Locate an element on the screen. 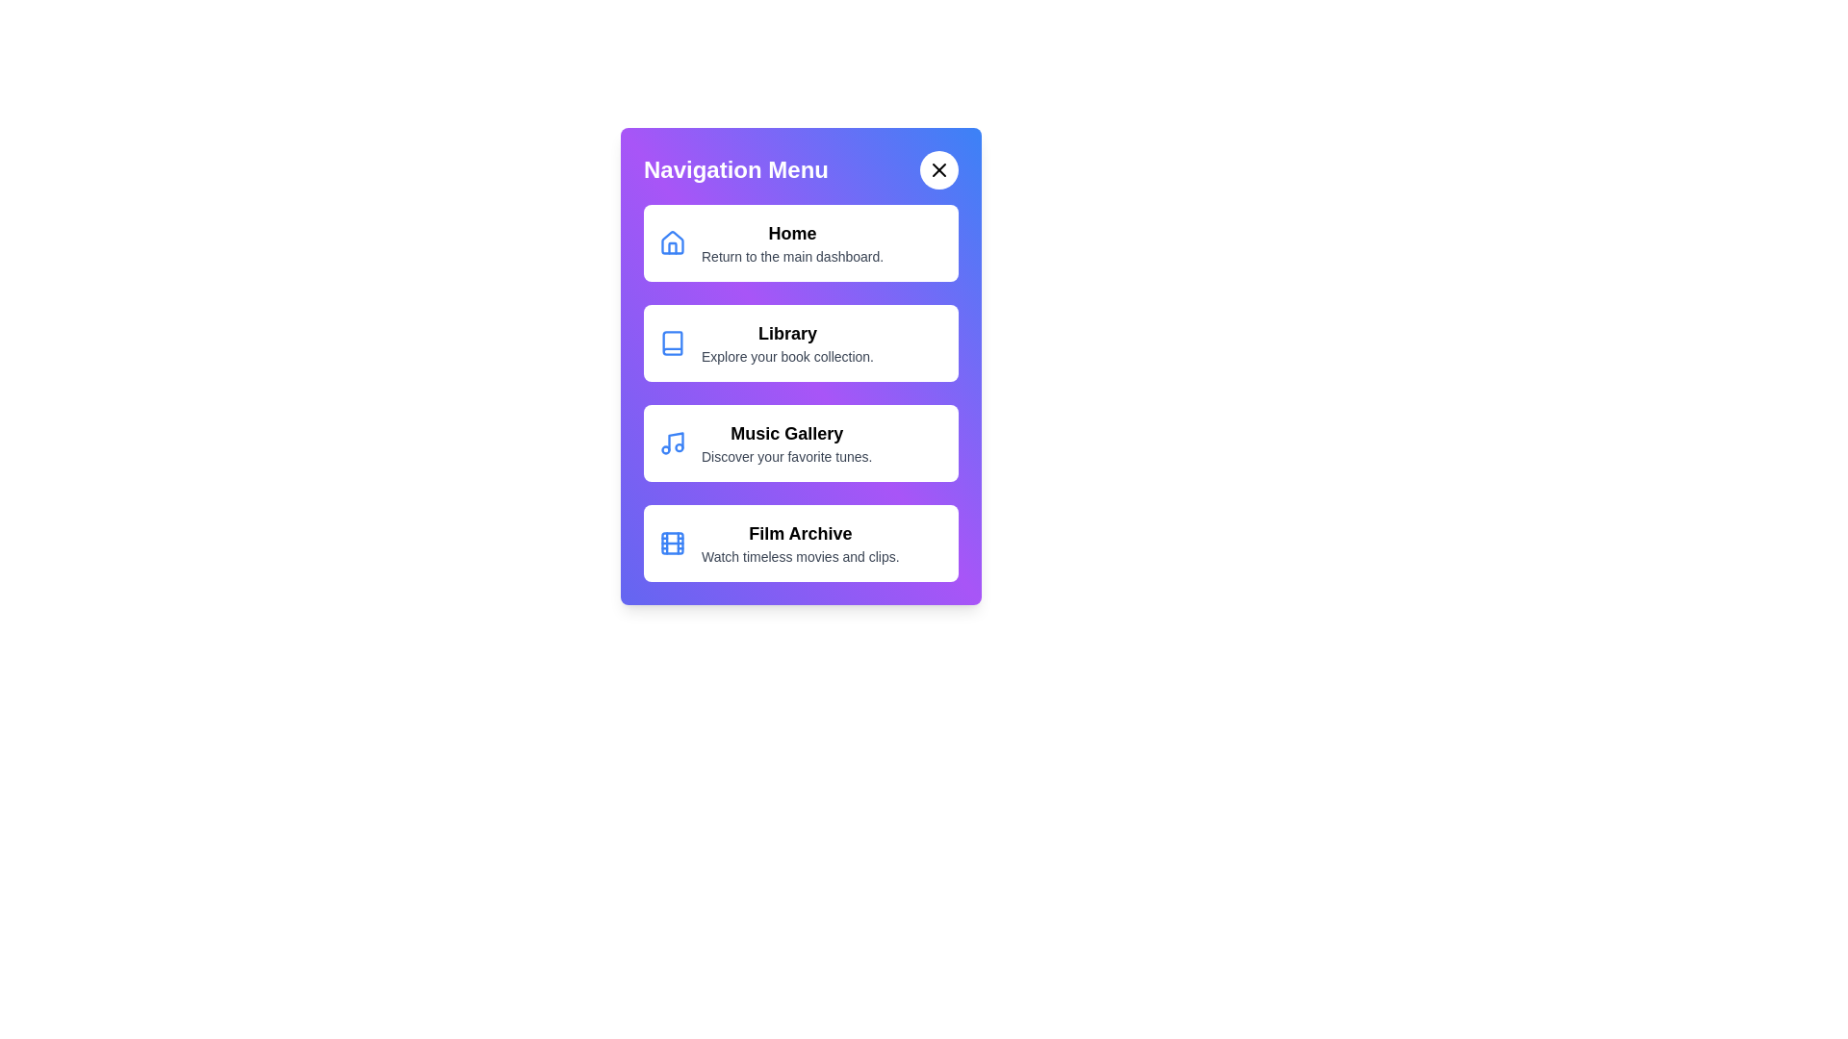  the icon of the menu item labeled Music Gallery is located at coordinates (673, 443).